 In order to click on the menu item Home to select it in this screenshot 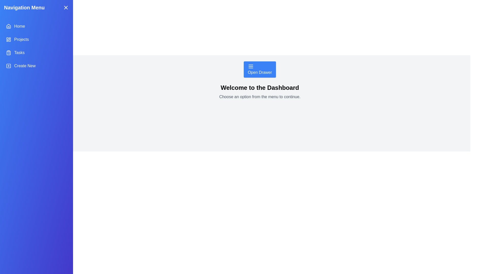, I will do `click(36, 26)`.